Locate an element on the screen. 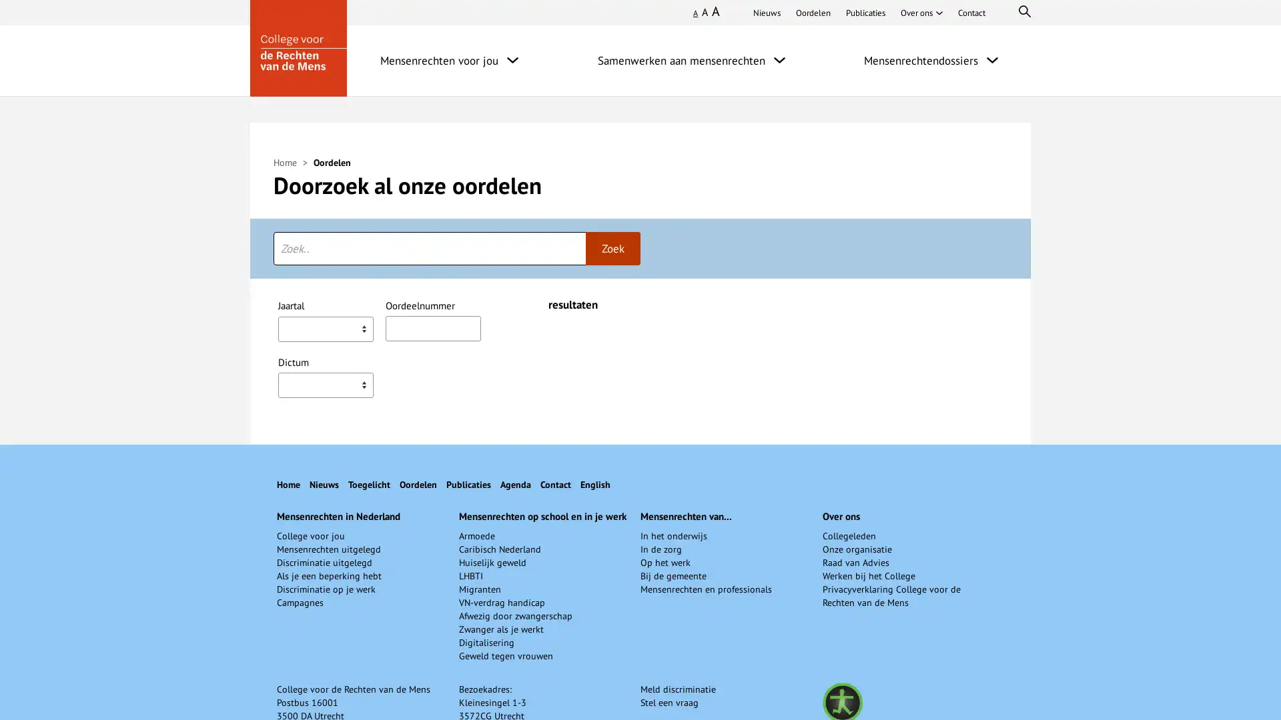 The width and height of the screenshot is (1281, 720). Klein lettertype is located at coordinates (695, 13).